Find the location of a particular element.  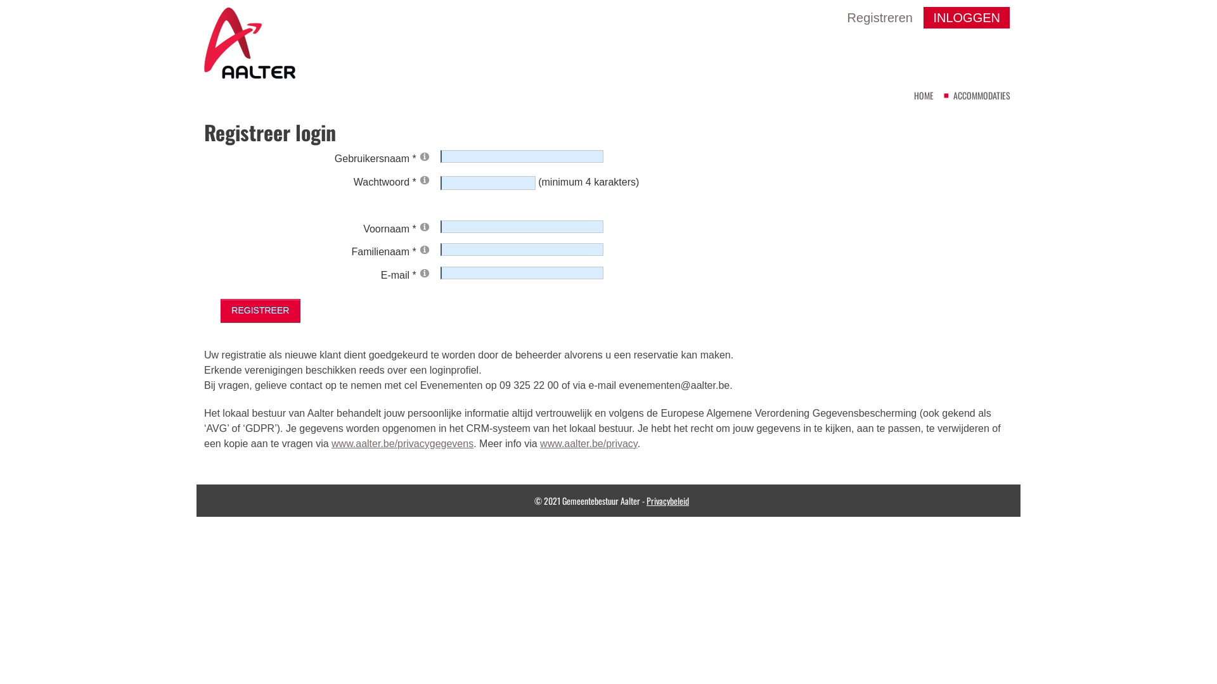

'Aalter' is located at coordinates (249, 41).